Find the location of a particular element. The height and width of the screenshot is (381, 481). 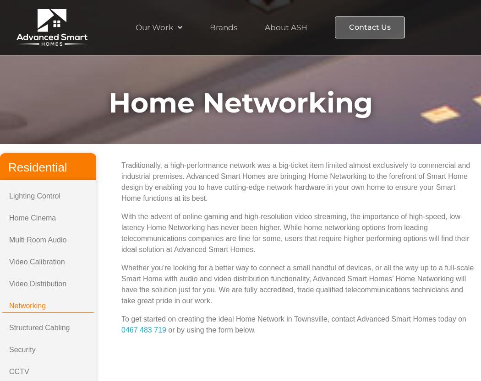

'Video Distribution' is located at coordinates (38, 284).